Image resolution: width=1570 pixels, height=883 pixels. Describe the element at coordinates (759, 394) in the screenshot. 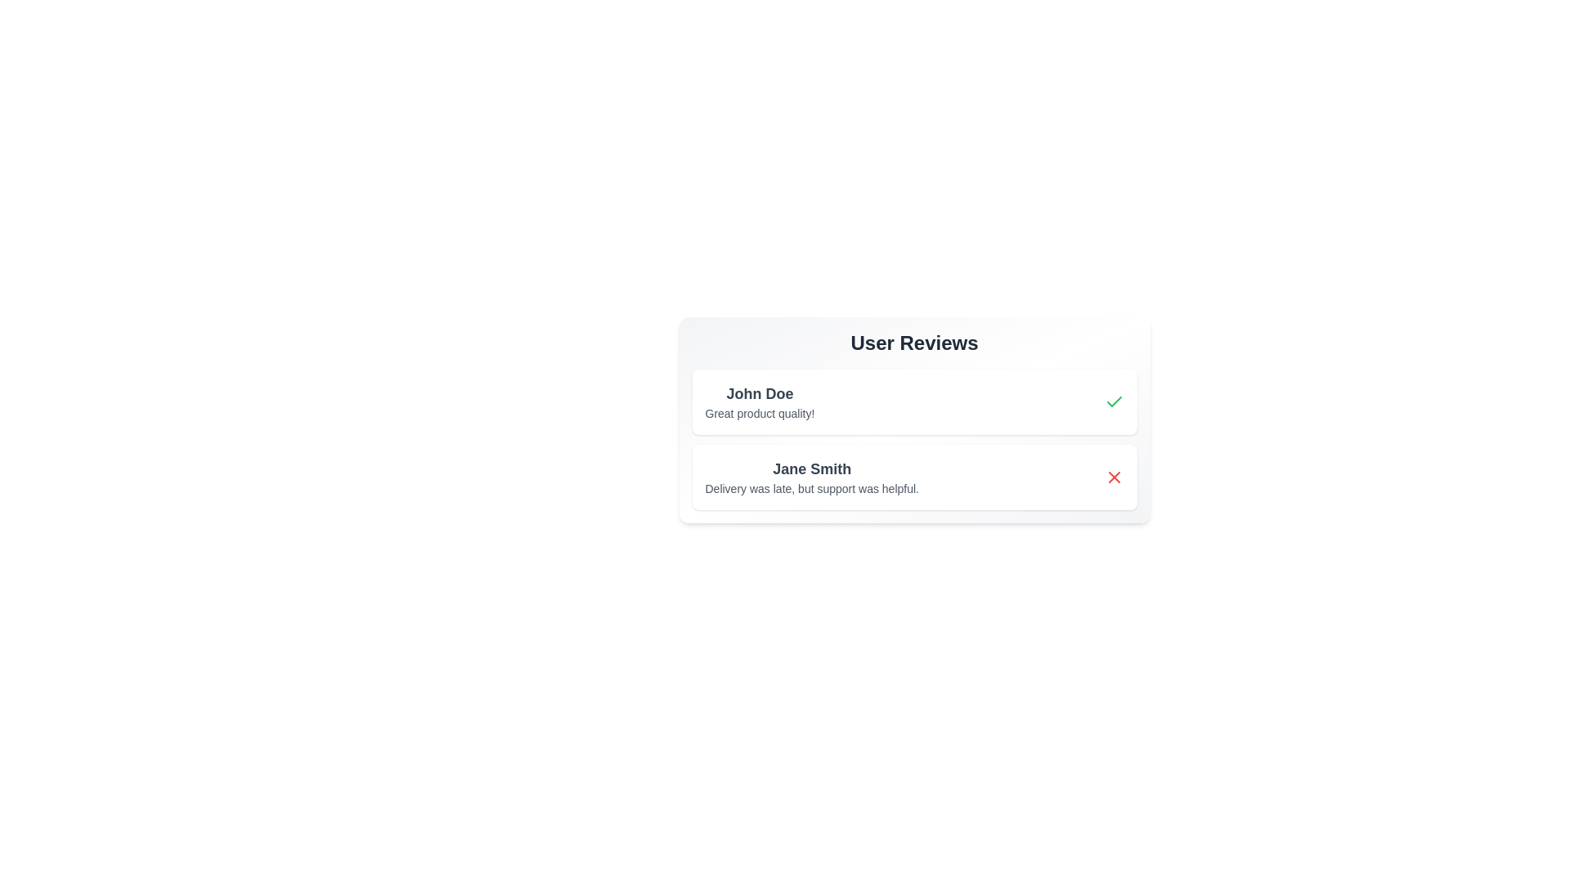

I see `the text label that serves as the user identifier for the review, located at the top-left section of the review card` at that location.